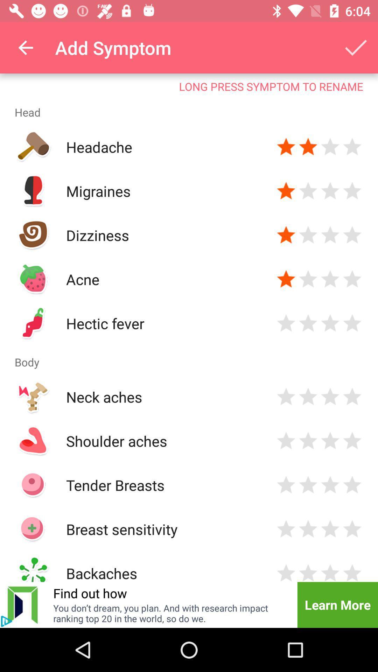  Describe the element at coordinates (352, 191) in the screenshot. I see `four stars` at that location.